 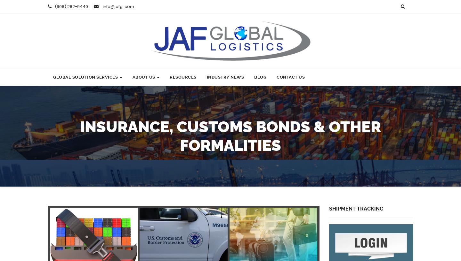 What do you see at coordinates (276, 77) in the screenshot?
I see `'Contact Us'` at bounding box center [276, 77].